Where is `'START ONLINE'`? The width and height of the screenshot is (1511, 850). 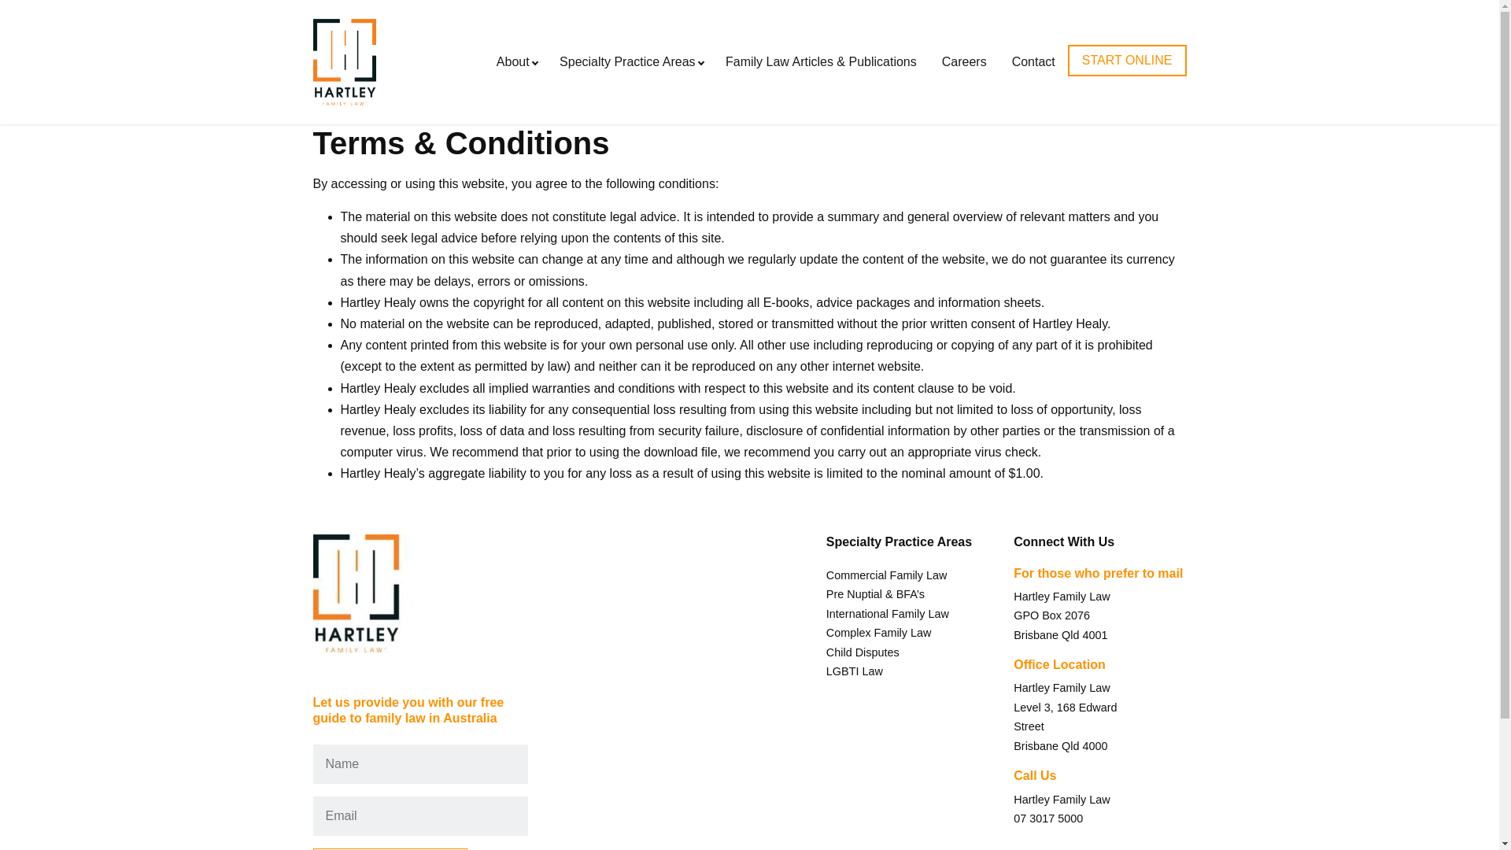
'START ONLINE' is located at coordinates (1068, 60).